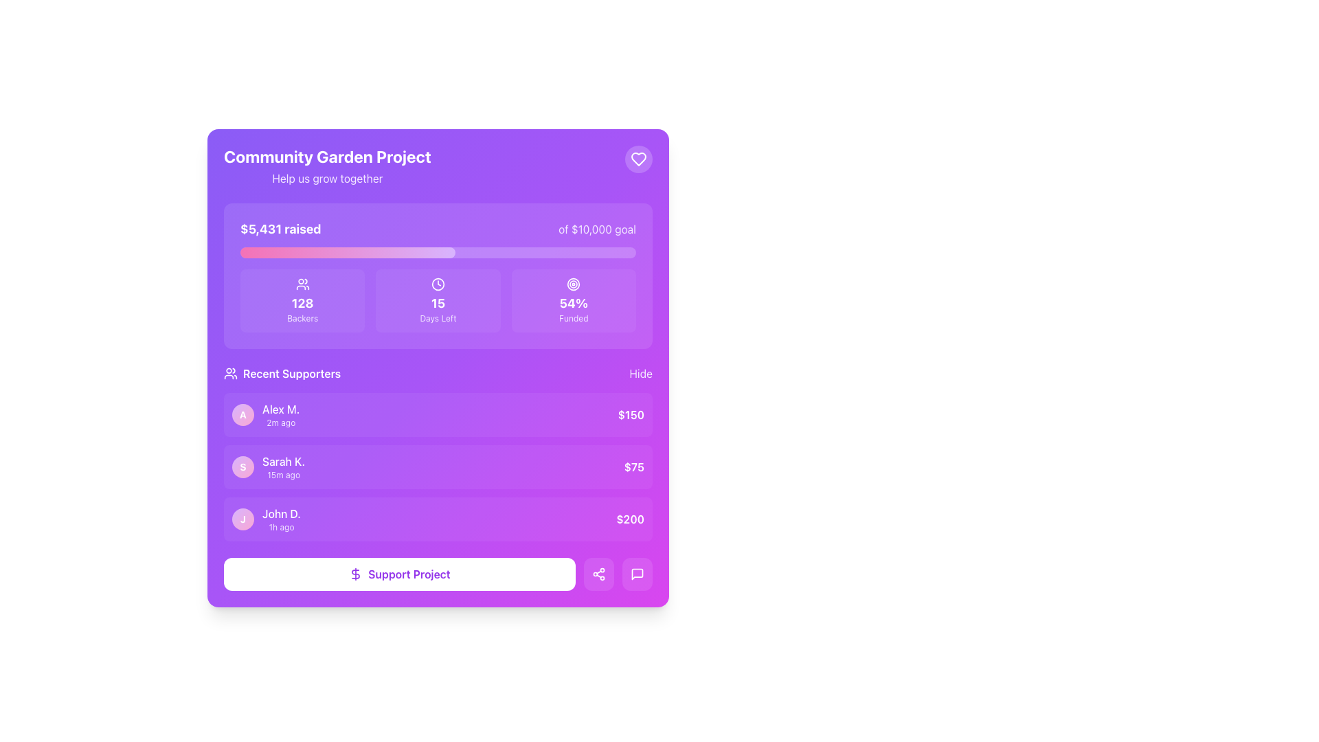 This screenshot has height=742, width=1319. What do you see at coordinates (398, 574) in the screenshot?
I see `the support button located at the bottom of the purple-themed interface` at bounding box center [398, 574].